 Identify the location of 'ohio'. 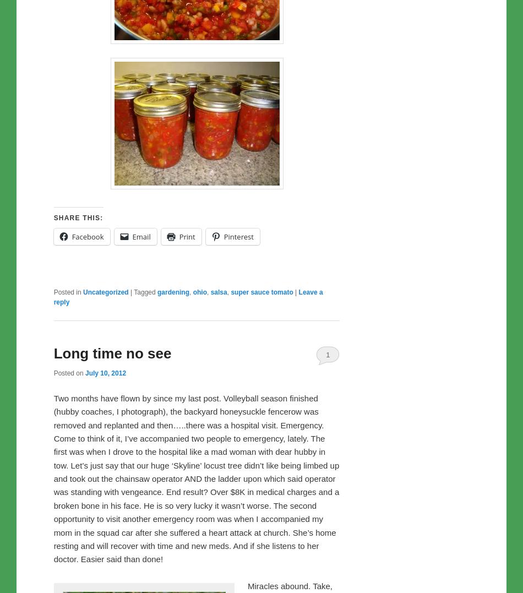
(199, 291).